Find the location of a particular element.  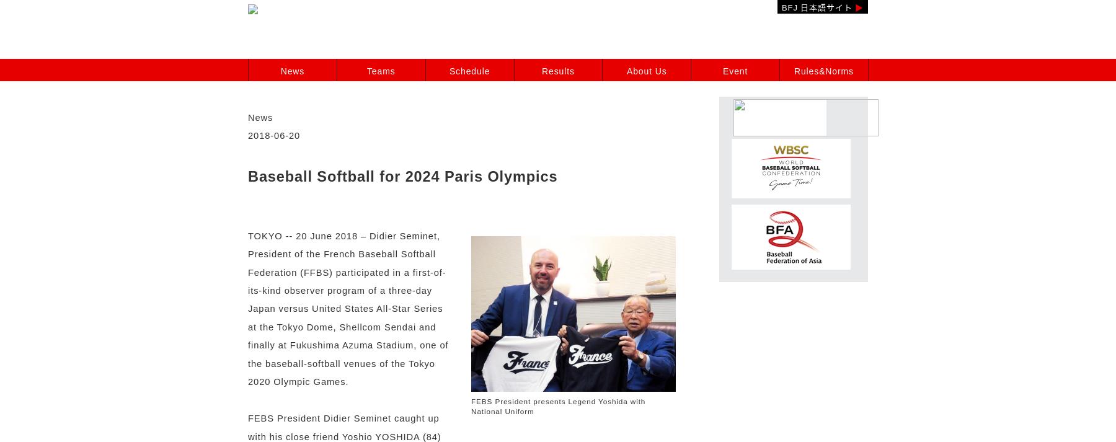

'2018-06-20' is located at coordinates (274, 136).